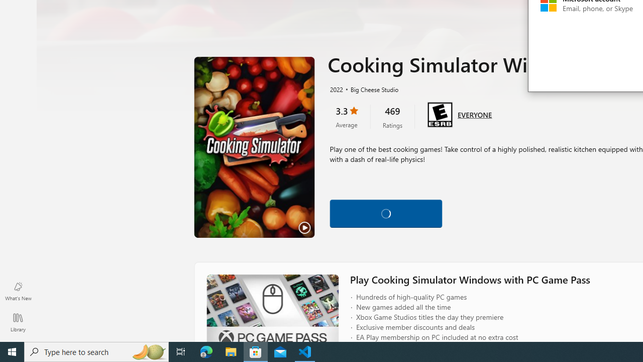  What do you see at coordinates (346, 116) in the screenshot?
I see `'3.3 stars. Click to skip to ratings and reviews'` at bounding box center [346, 116].